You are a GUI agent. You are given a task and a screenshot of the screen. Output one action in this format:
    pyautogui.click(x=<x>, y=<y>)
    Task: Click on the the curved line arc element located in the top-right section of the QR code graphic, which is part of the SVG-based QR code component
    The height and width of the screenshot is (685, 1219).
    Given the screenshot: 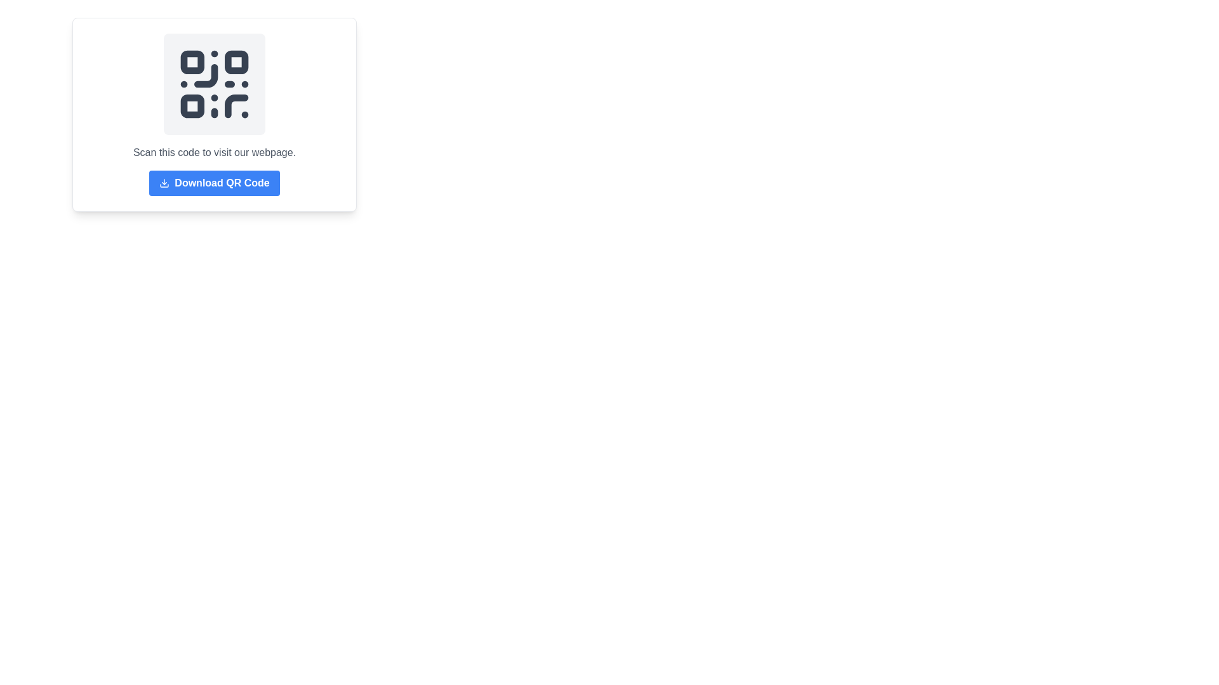 What is the action you would take?
    pyautogui.click(x=206, y=75)
    